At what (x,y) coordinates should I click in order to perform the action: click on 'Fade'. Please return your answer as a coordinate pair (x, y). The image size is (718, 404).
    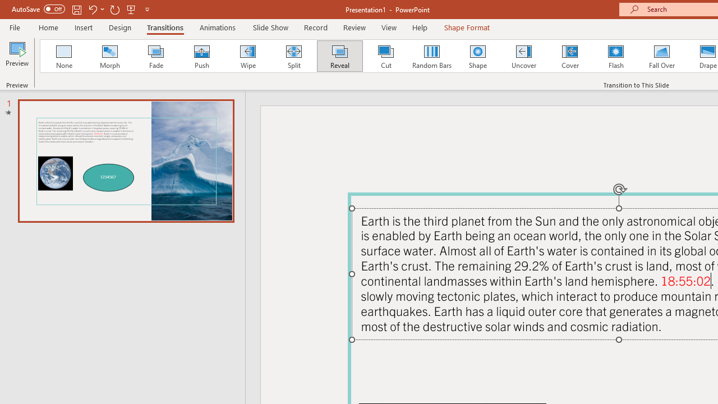
    Looking at the image, I should click on (155, 56).